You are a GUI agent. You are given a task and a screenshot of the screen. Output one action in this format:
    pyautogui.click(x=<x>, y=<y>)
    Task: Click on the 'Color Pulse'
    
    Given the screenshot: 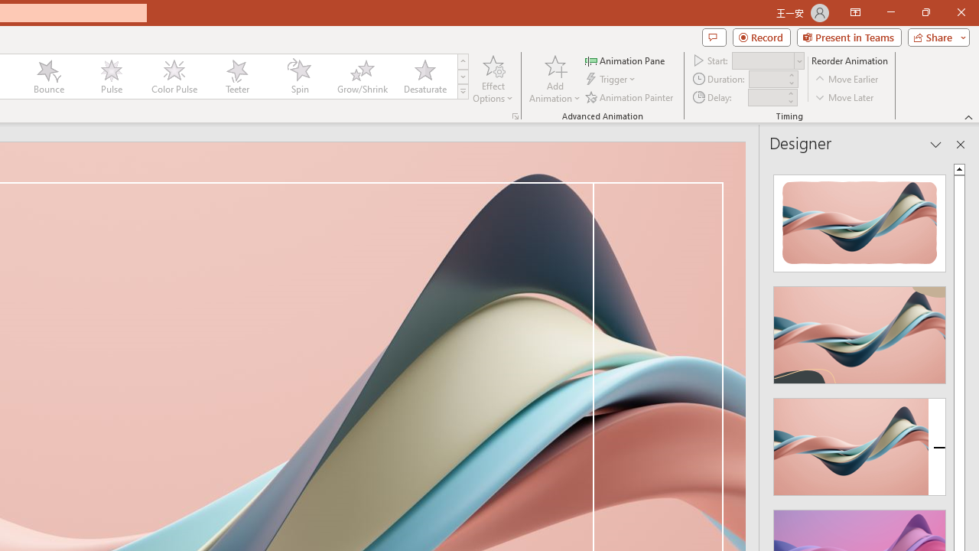 What is the action you would take?
    pyautogui.click(x=174, y=77)
    